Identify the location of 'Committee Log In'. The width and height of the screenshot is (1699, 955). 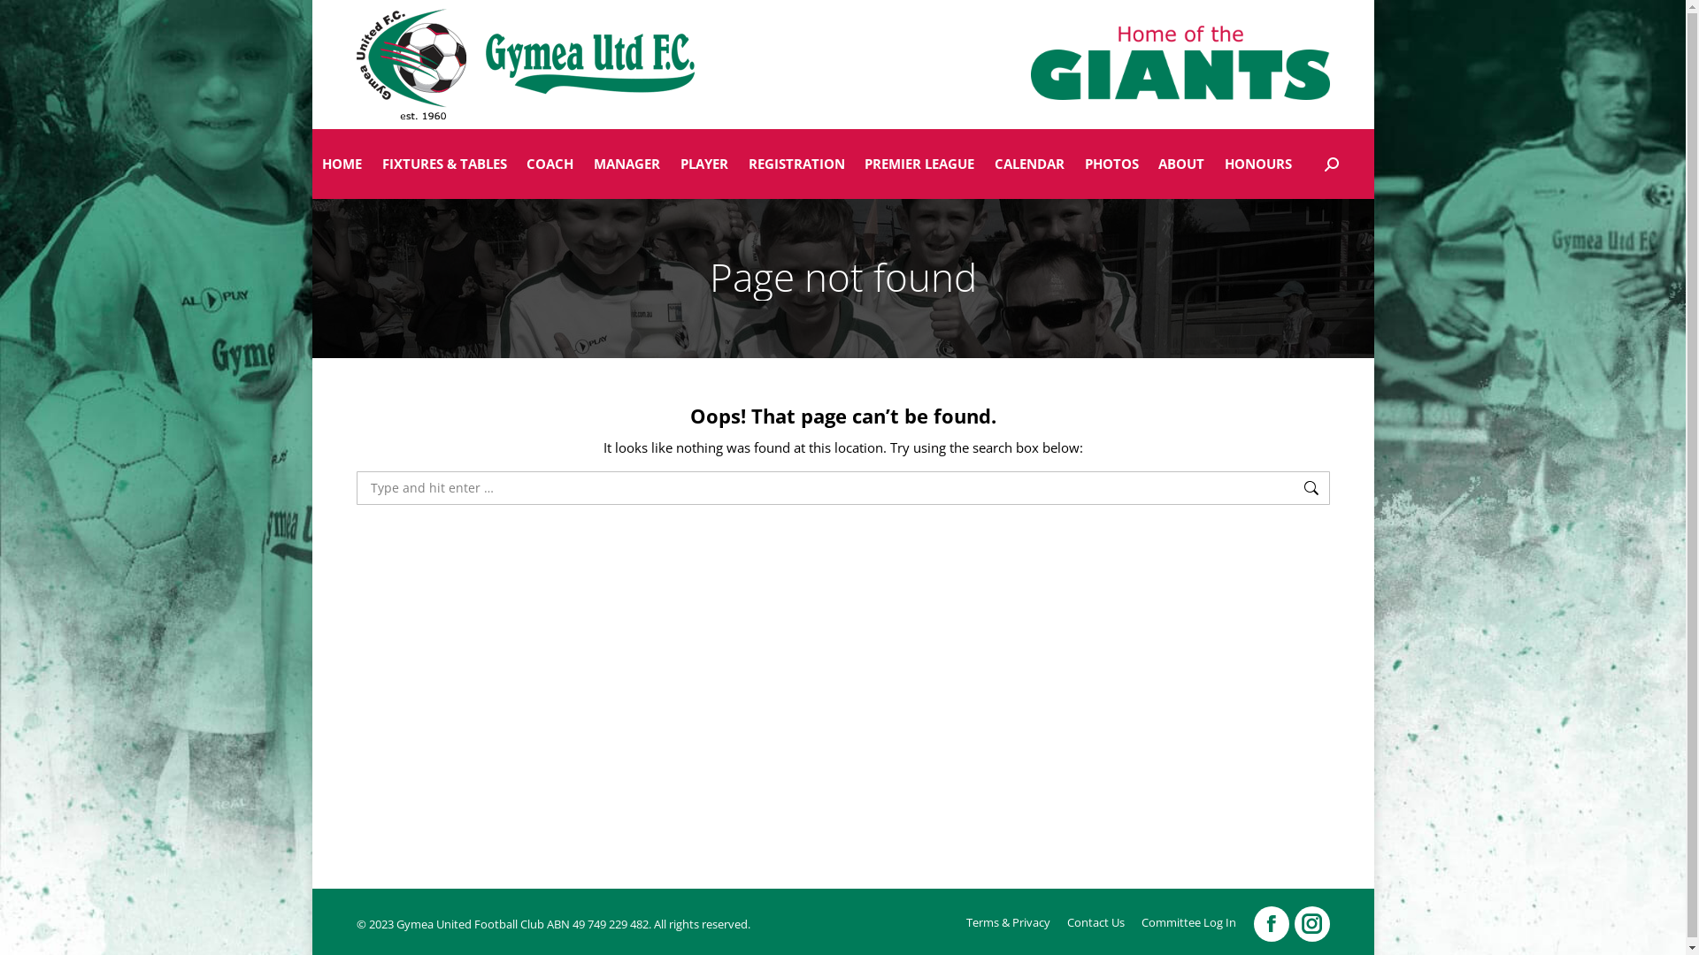
(1142, 921).